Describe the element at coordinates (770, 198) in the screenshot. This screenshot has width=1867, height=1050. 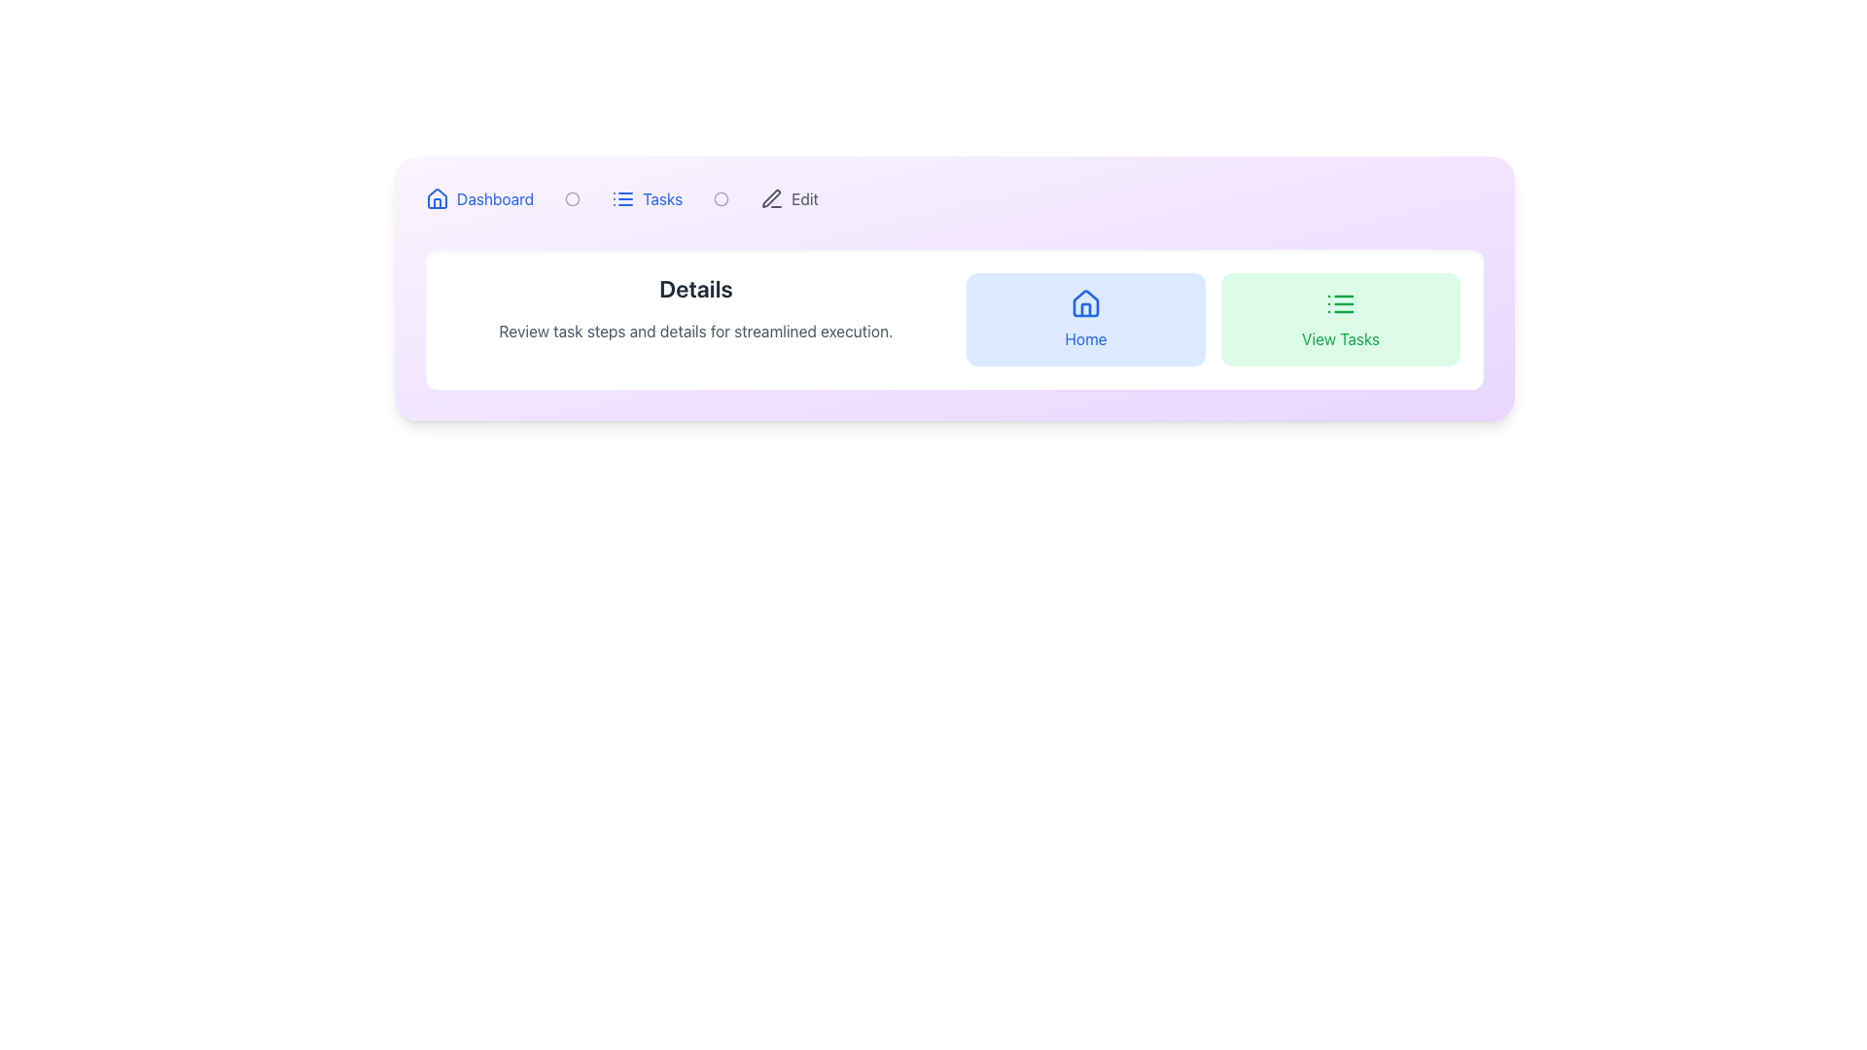
I see `the edit action icon located in the top navigation bar, positioned to the far right of the 'Tasks' section and before the 'Edit' label` at that location.